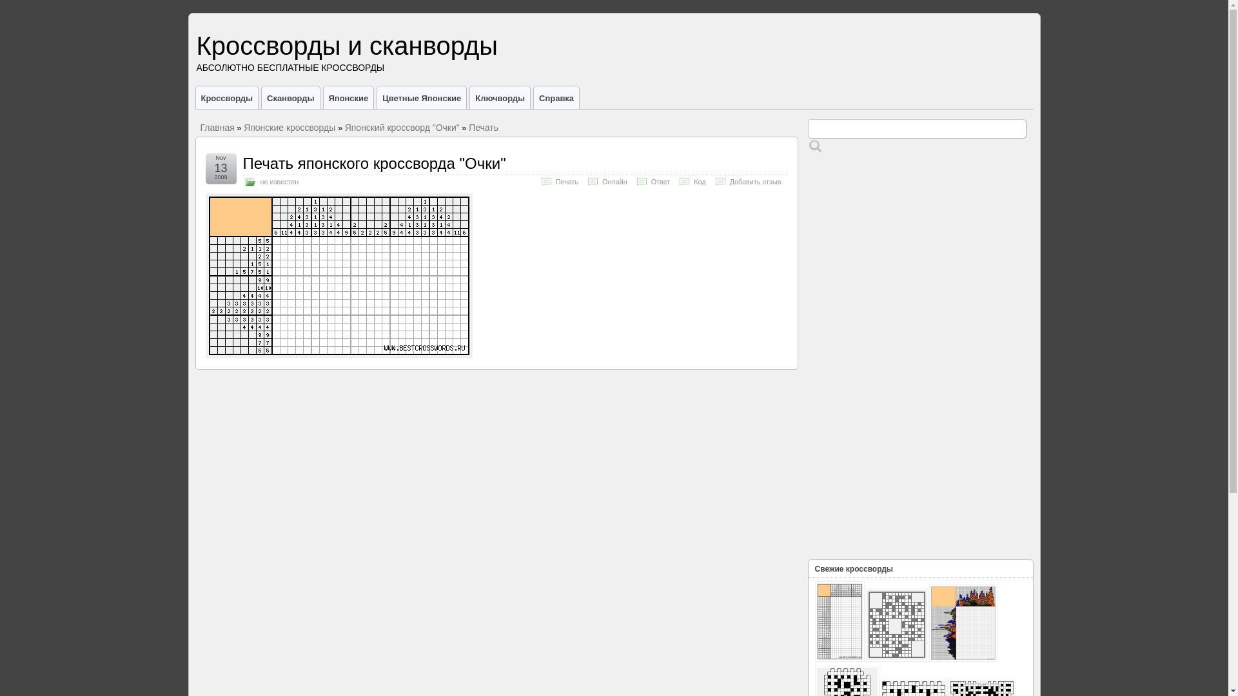 The image size is (1238, 696). What do you see at coordinates (950, 96) in the screenshot?
I see `'Facebook'` at bounding box center [950, 96].